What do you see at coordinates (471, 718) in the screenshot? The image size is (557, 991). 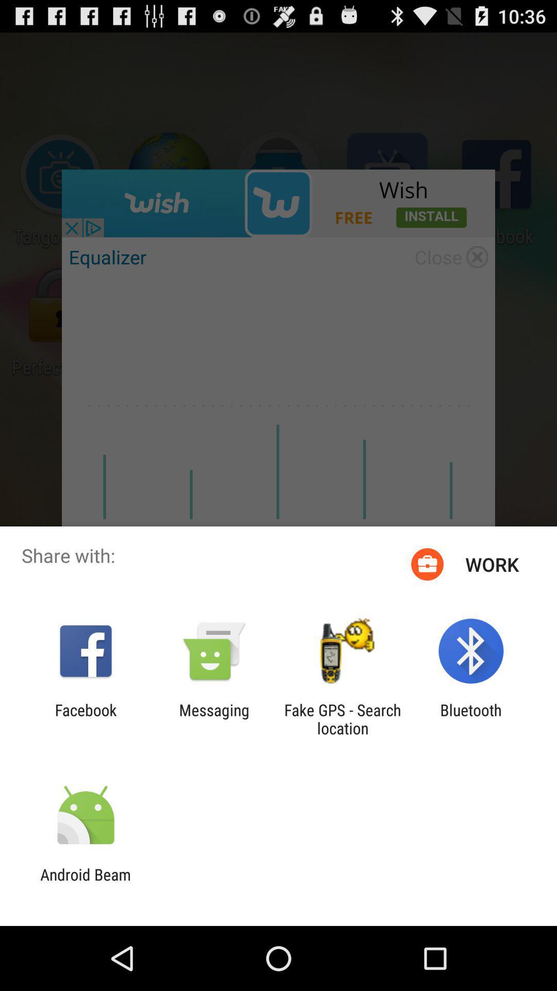 I see `the bluetooth icon` at bounding box center [471, 718].